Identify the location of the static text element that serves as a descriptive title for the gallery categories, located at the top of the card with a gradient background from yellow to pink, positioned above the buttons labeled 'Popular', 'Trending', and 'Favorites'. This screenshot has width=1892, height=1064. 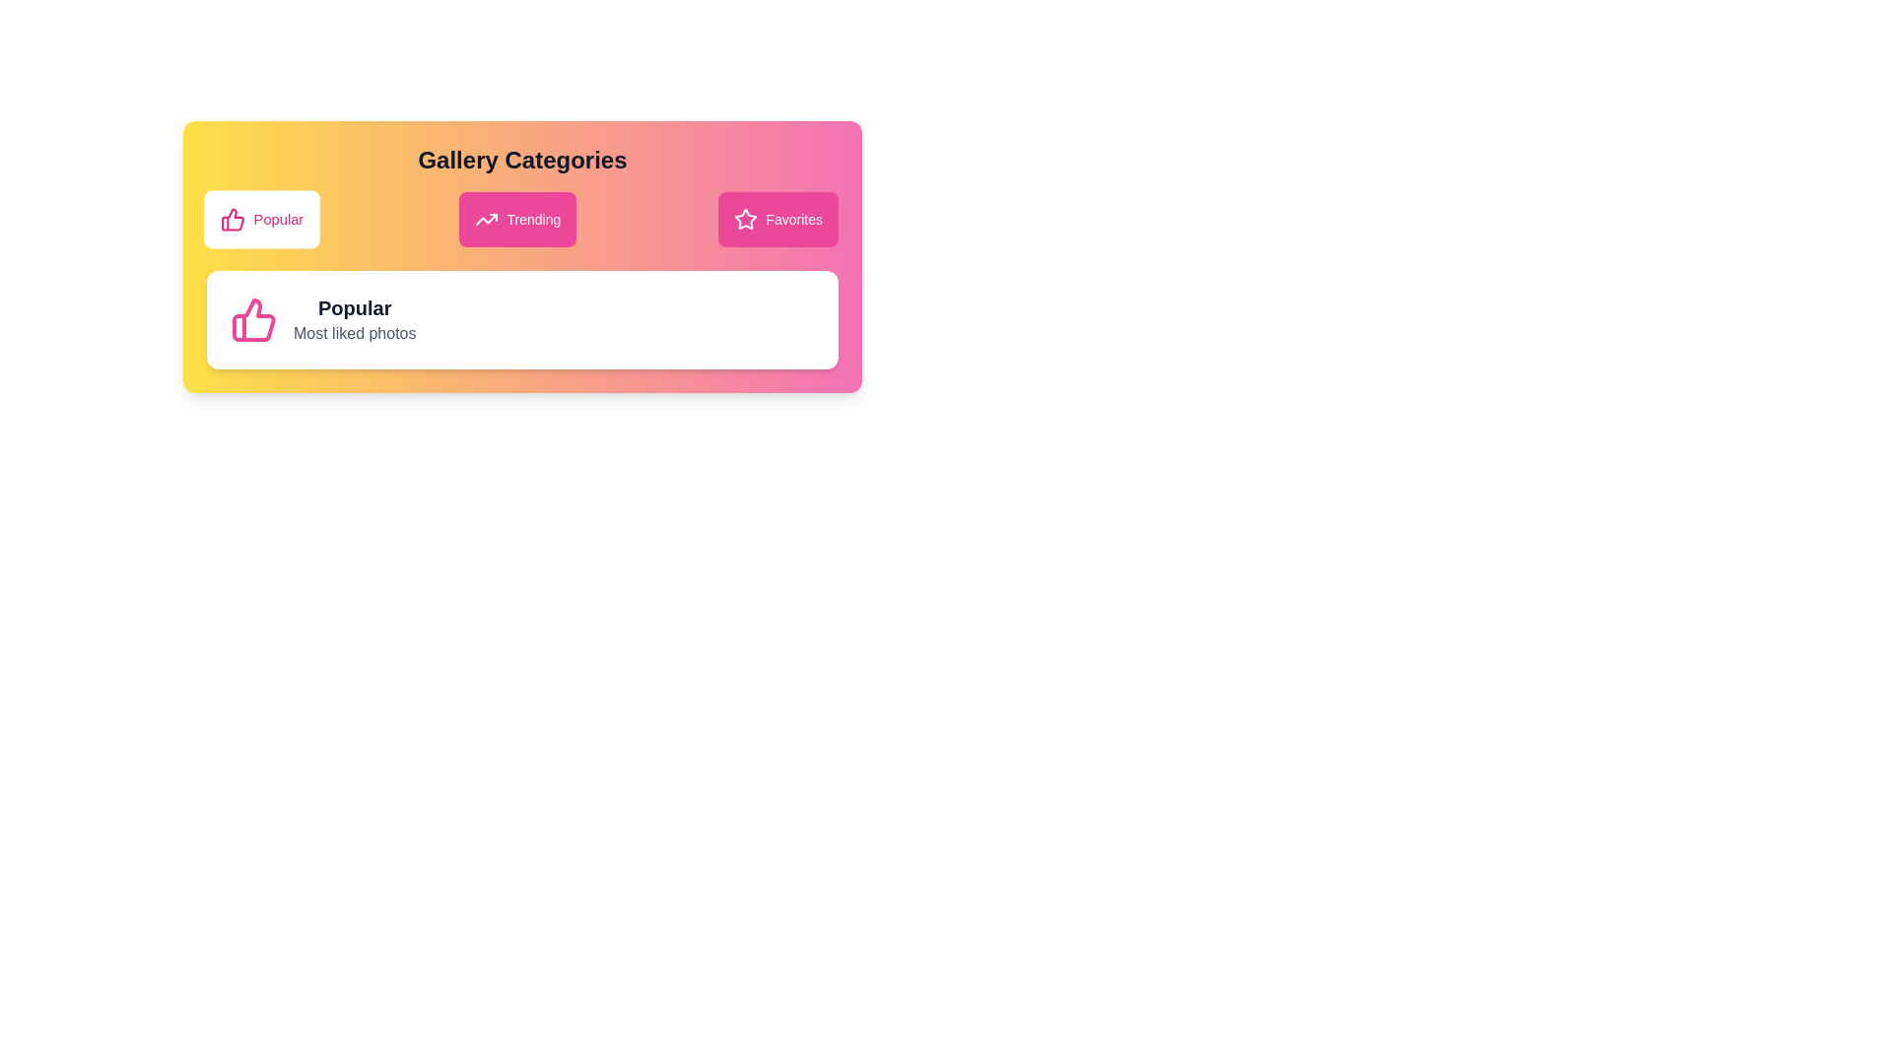
(522, 159).